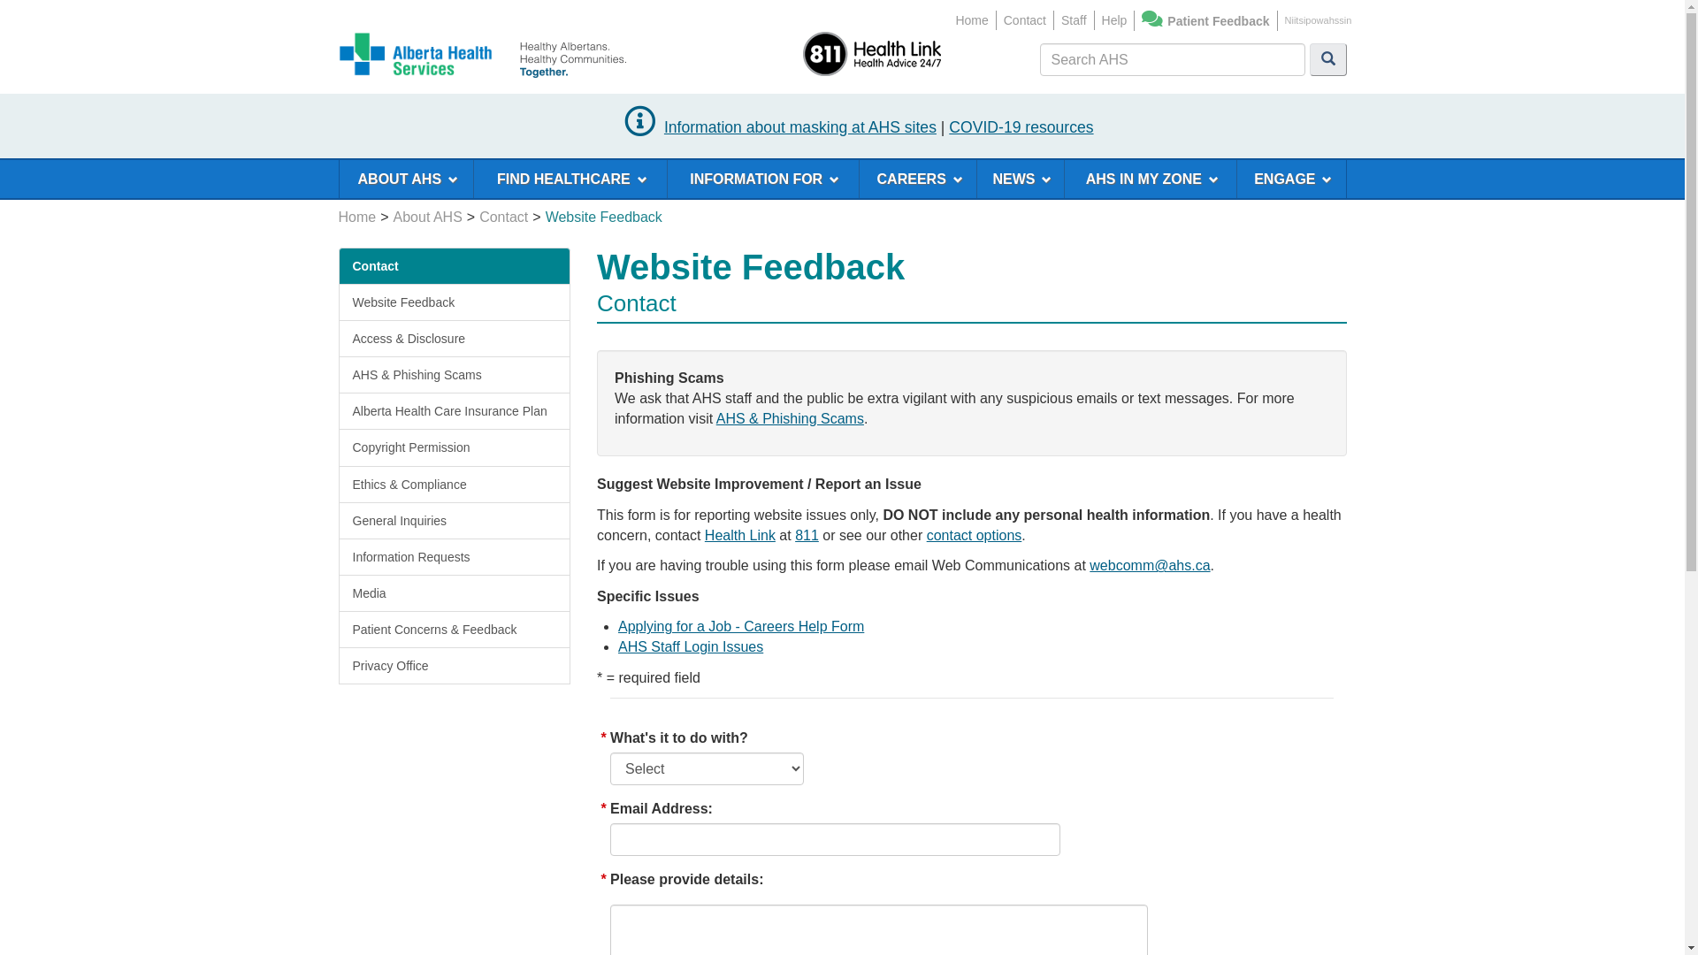 The height and width of the screenshot is (955, 1698). What do you see at coordinates (806, 534) in the screenshot?
I see `'811'` at bounding box center [806, 534].